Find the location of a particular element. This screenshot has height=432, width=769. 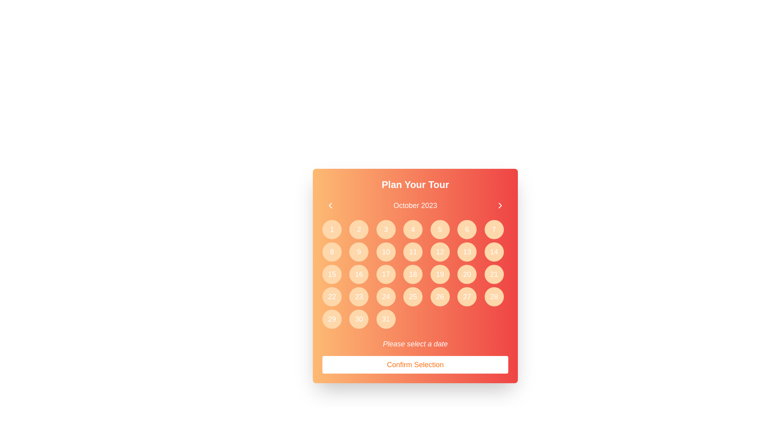

the selectable date button representing '15' in the calendar interface is located at coordinates (332, 274).